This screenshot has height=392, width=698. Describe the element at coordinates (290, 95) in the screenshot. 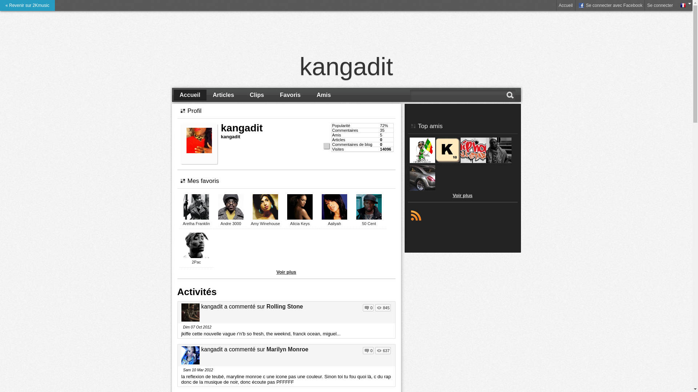

I see `'Favoris'` at that location.